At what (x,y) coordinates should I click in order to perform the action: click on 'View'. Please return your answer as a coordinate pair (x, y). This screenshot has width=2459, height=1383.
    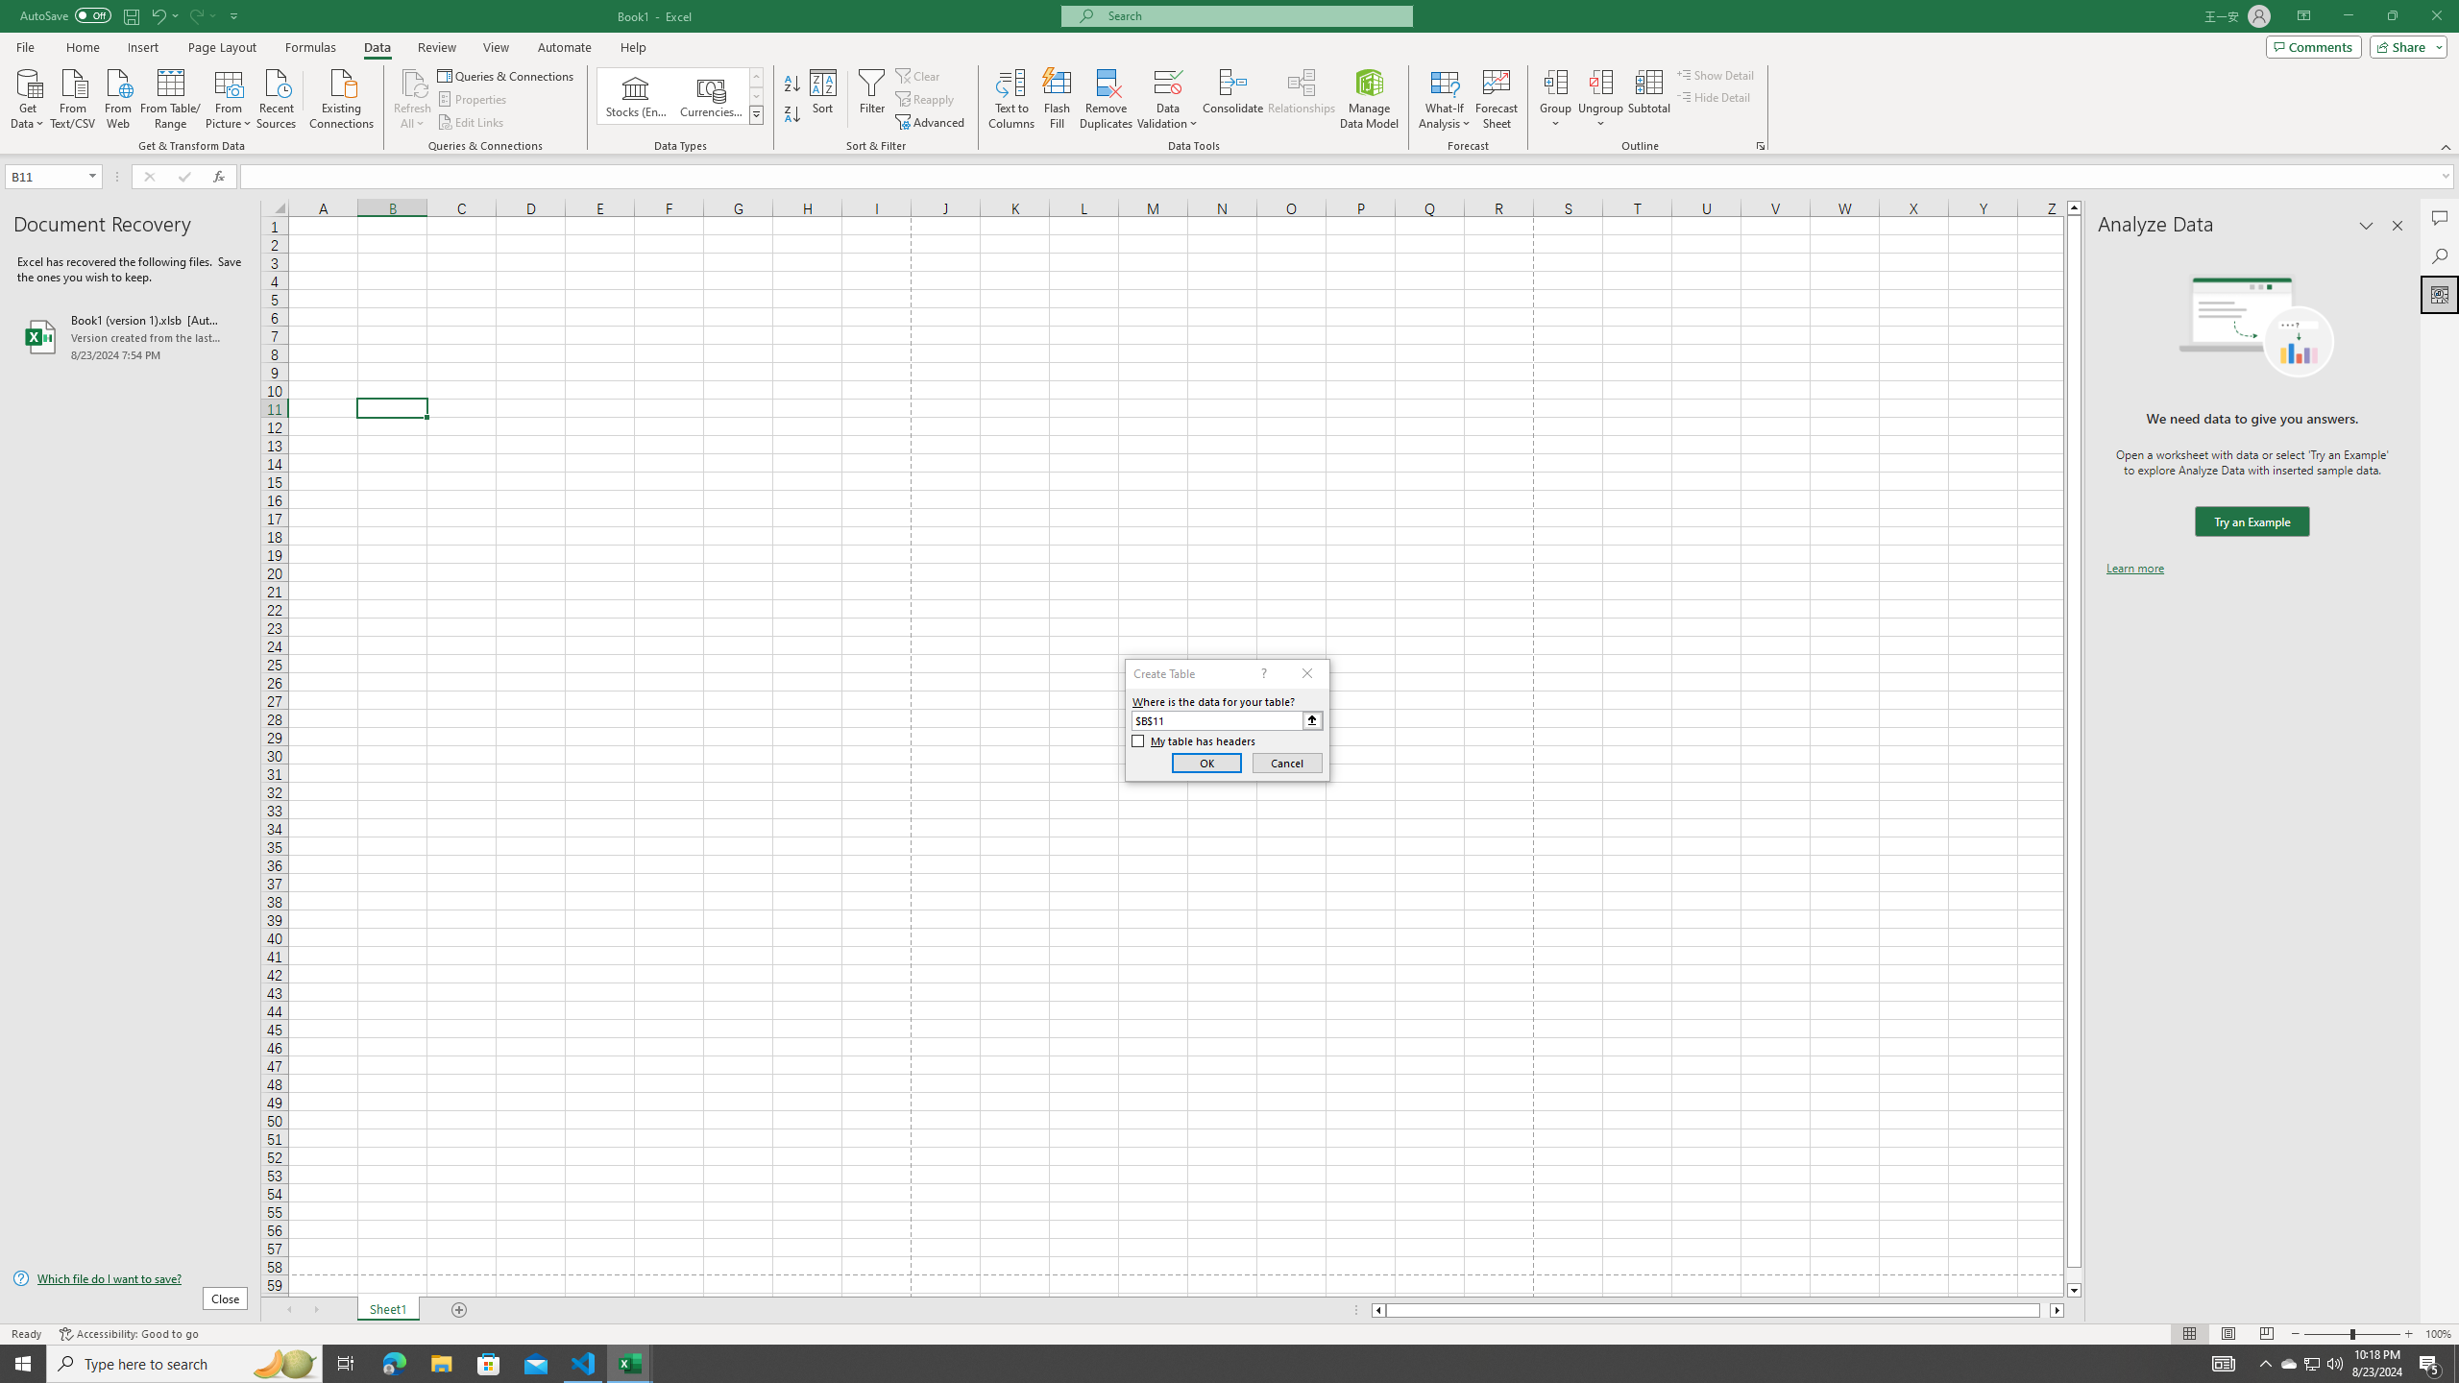
    Looking at the image, I should click on (494, 47).